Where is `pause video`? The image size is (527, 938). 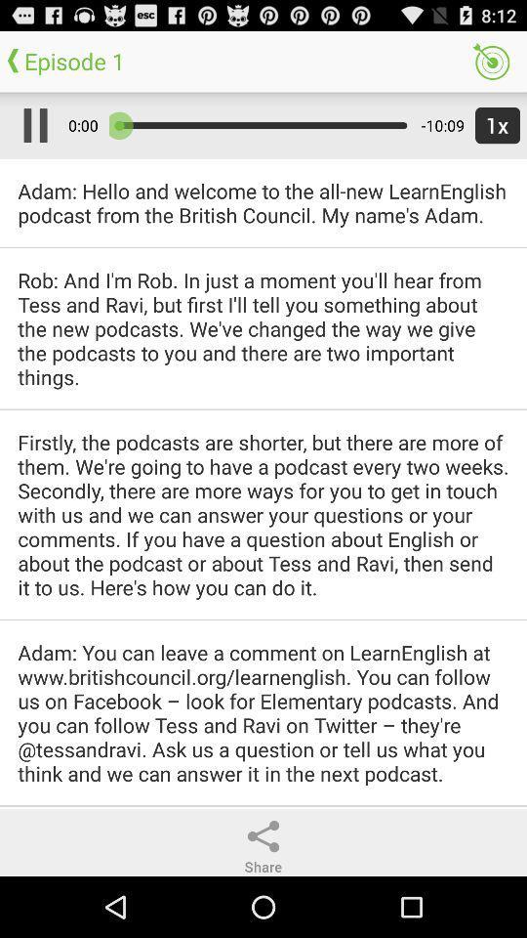
pause video is located at coordinates (30, 124).